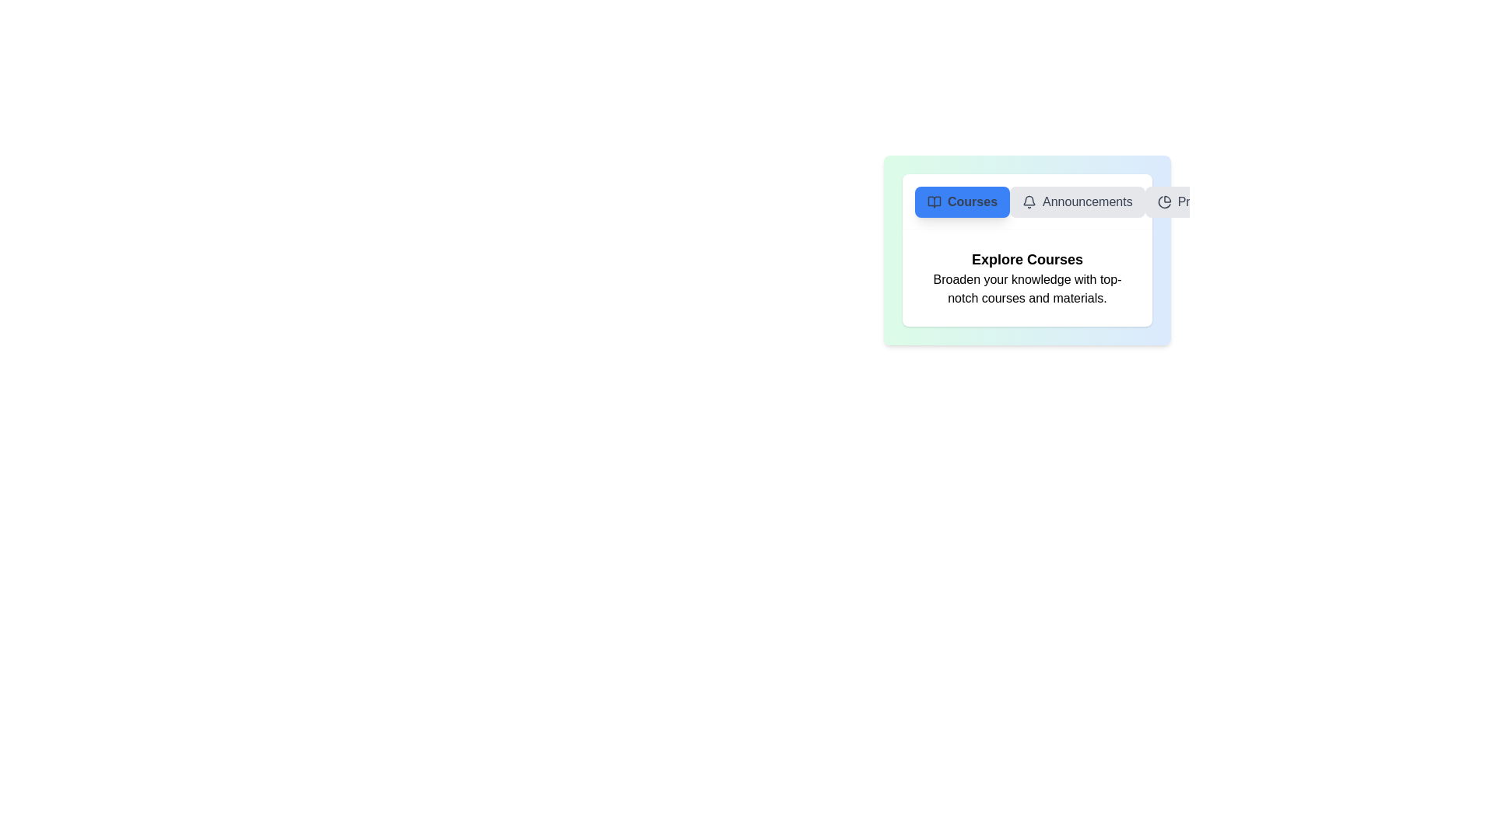  Describe the element at coordinates (1027, 289) in the screenshot. I see `the text element that reads 'Broaden your knowledge with top-notch courses and materials.', which is located directly below the bolded title 'Explore Courses.'` at that location.